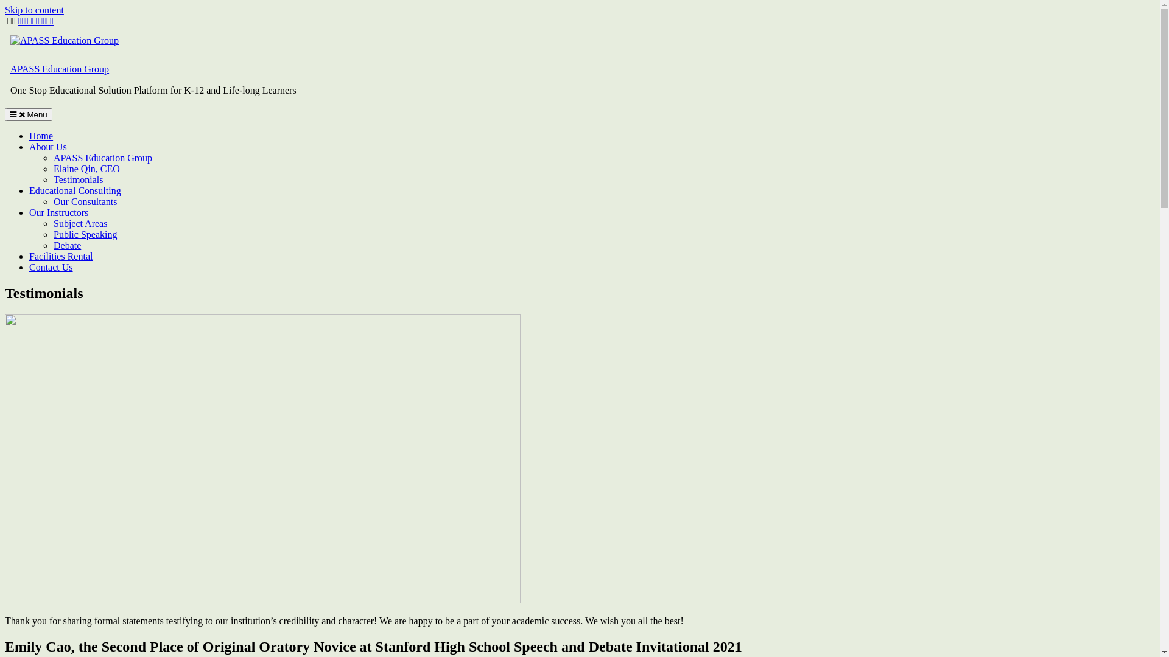  Describe the element at coordinates (34, 10) in the screenshot. I see `'Skip to content'` at that location.